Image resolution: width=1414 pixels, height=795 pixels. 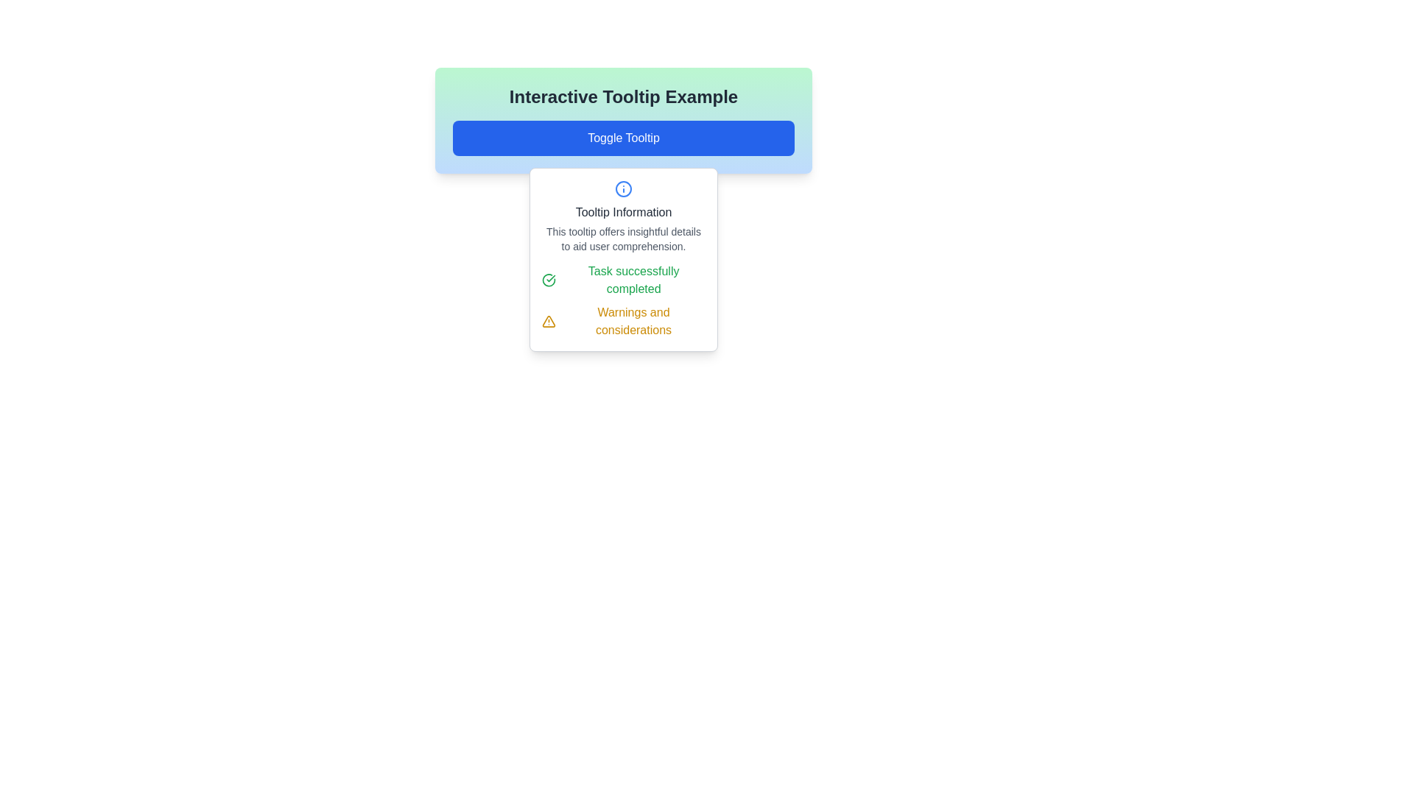 I want to click on warning content displayed in the Text with Icon located below the 'Task successfully completed' section in the tooltip, so click(x=623, y=320).